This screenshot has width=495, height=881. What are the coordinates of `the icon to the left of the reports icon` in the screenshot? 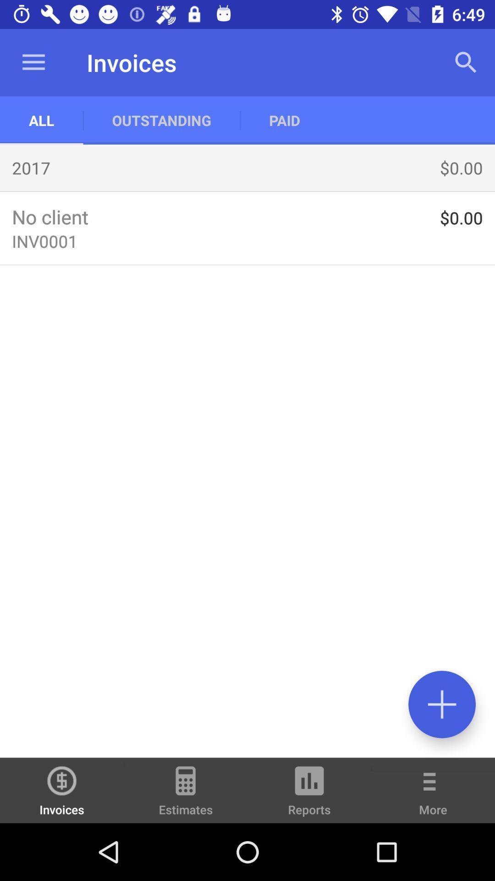 It's located at (186, 794).